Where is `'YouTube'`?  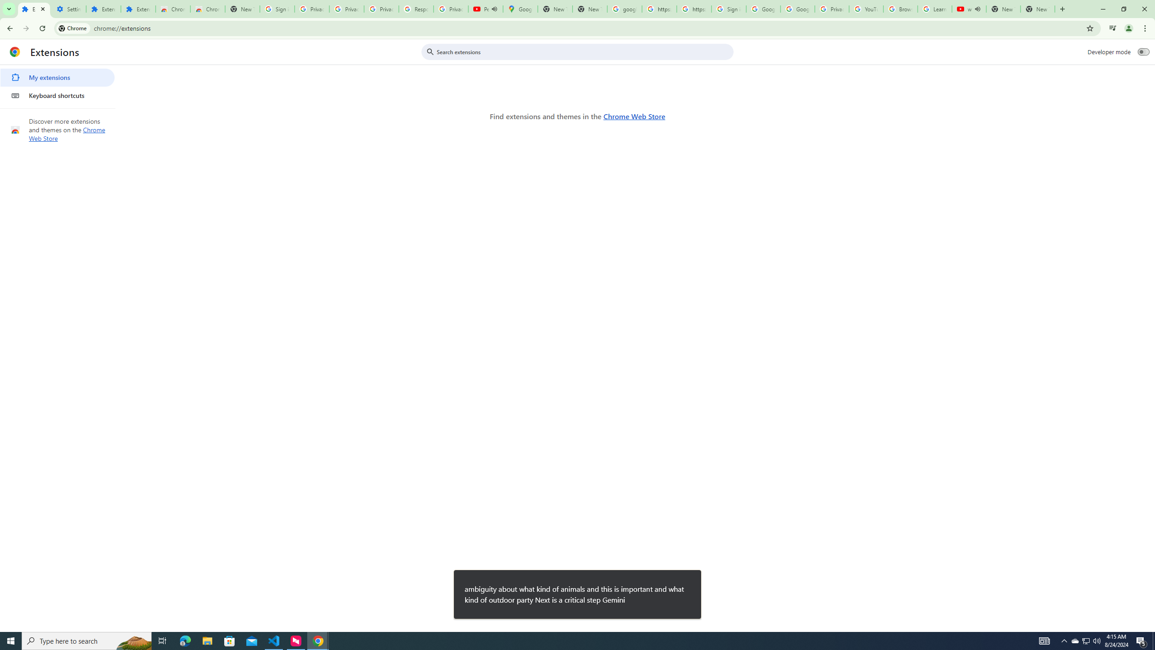
'YouTube' is located at coordinates (866, 9).